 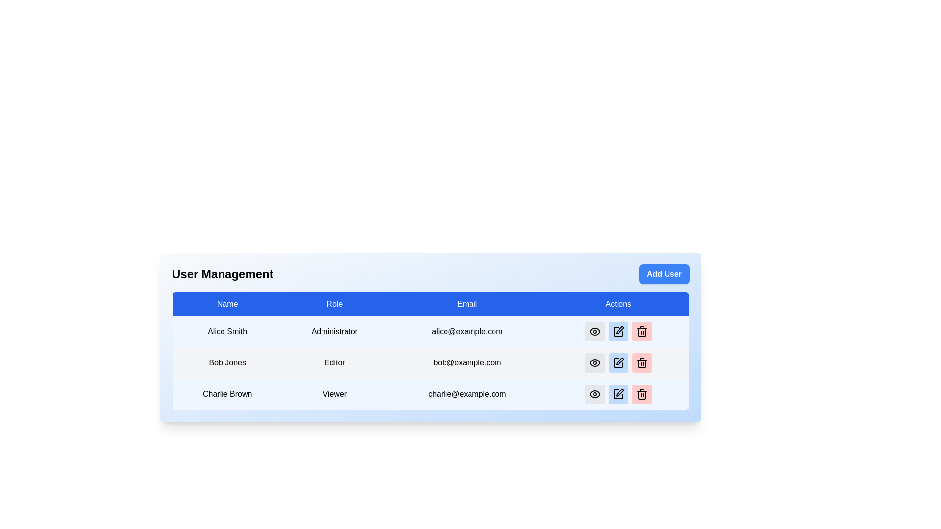 I want to click on the blue edit button with a pen icon located in the actions column of the first row in the user management table, so click(x=618, y=331).